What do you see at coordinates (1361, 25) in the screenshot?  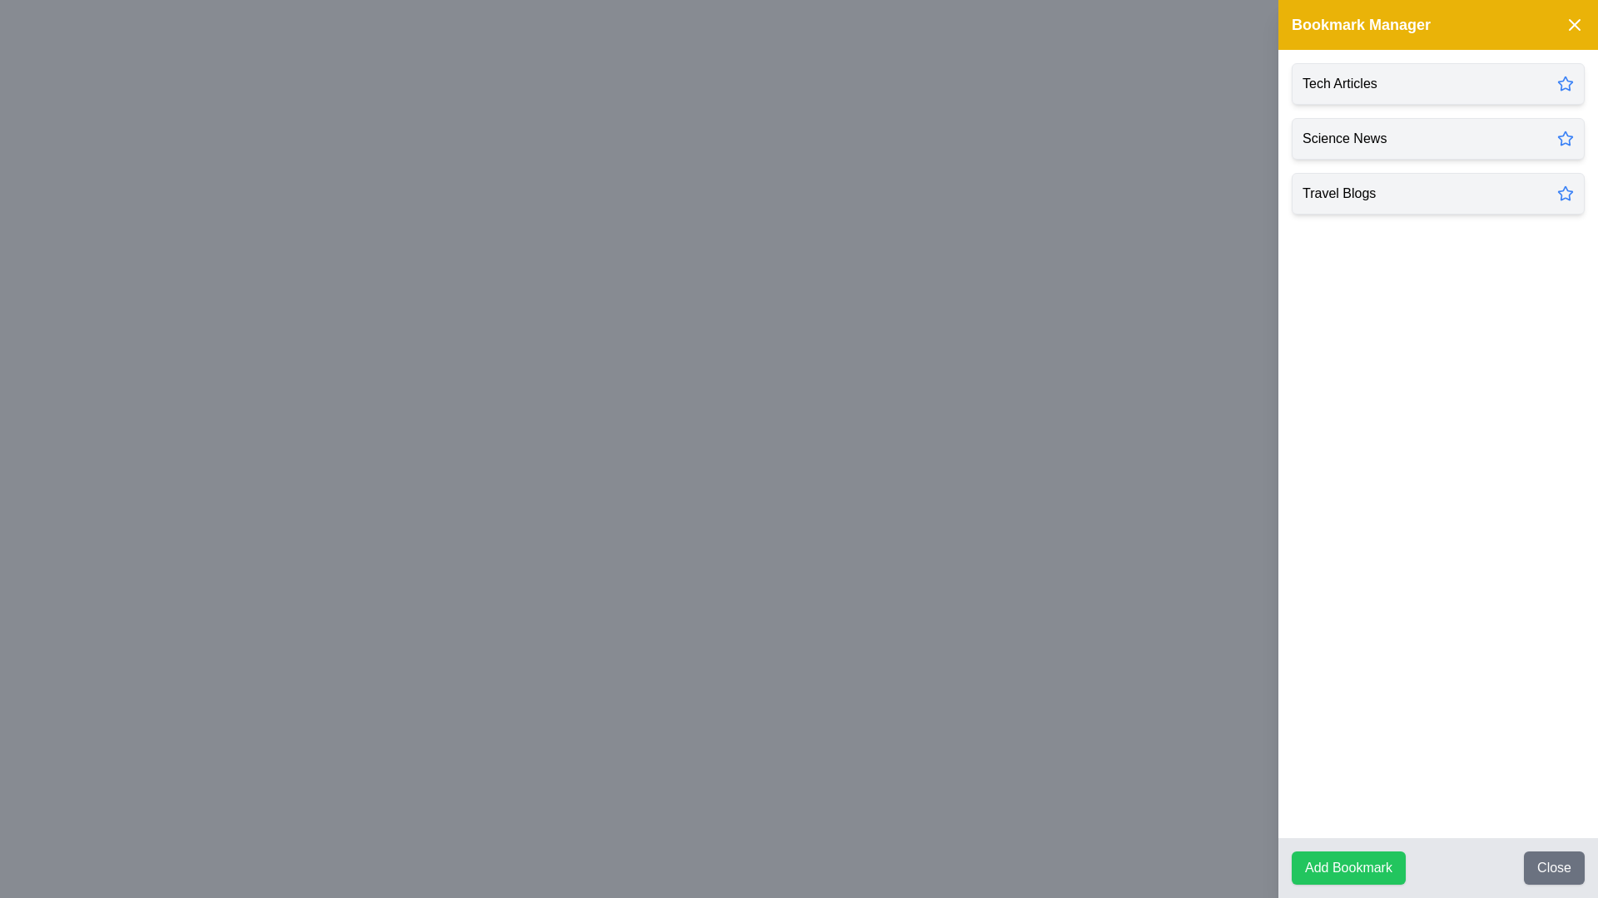 I see `the 'Bookmark Manager' text label, which is styled with a bold font on a yellow background and located in the top-left corner of the header area` at bounding box center [1361, 25].